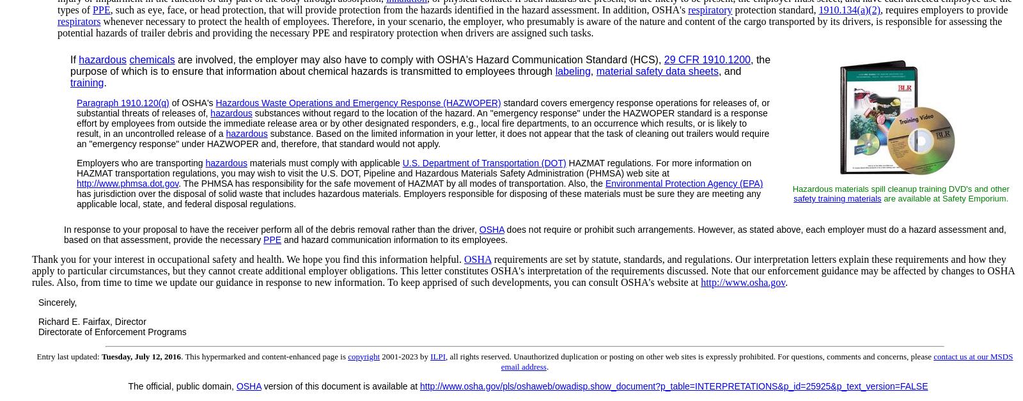 The height and width of the screenshot is (401, 1023). I want to click on 'contact us at our MSDS email address', so click(501, 361).